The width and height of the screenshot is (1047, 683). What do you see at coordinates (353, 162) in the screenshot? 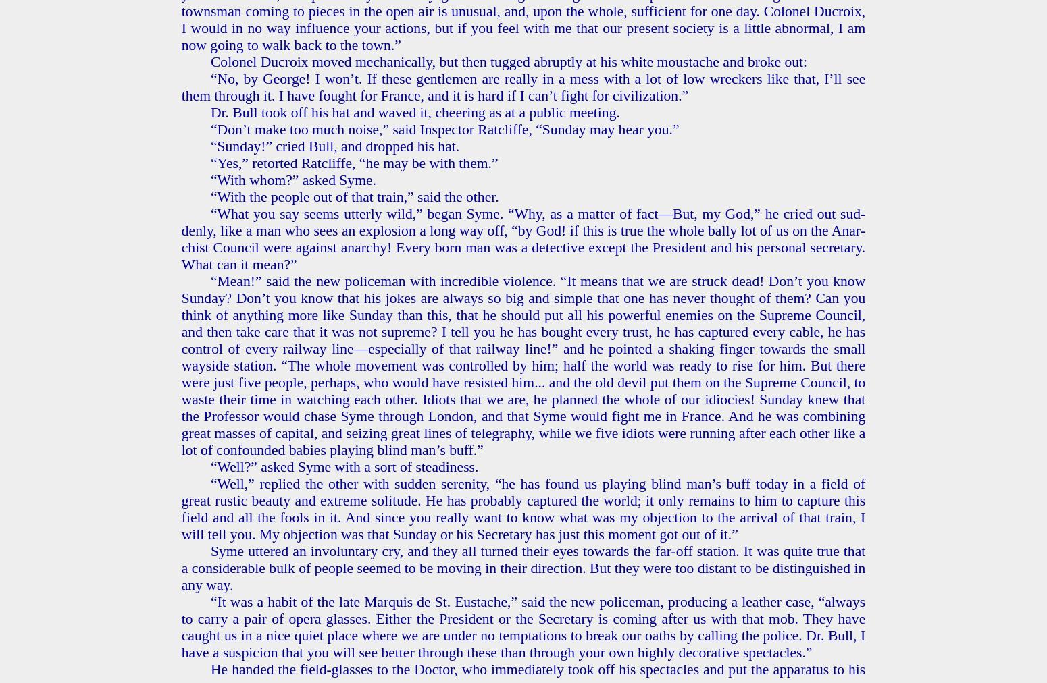
I see `'“Yes,” re­tort­ed Rat­cliffe, “he may be with them.”'` at bounding box center [353, 162].